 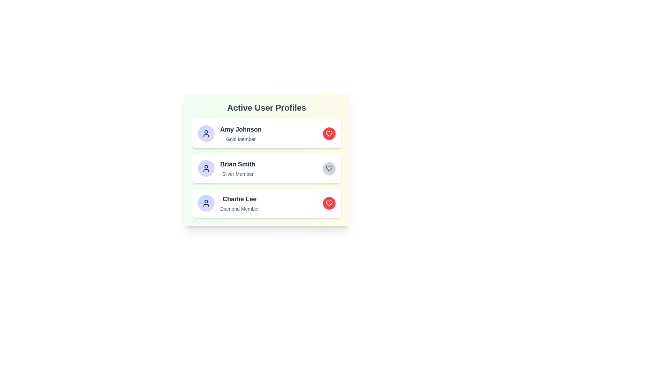 What do you see at coordinates (206, 203) in the screenshot?
I see `the Avatar element associated with the user 'Charlie Lee', a circular UI component with a gradient background transitioning from blue to purple, for user identity reference` at bounding box center [206, 203].